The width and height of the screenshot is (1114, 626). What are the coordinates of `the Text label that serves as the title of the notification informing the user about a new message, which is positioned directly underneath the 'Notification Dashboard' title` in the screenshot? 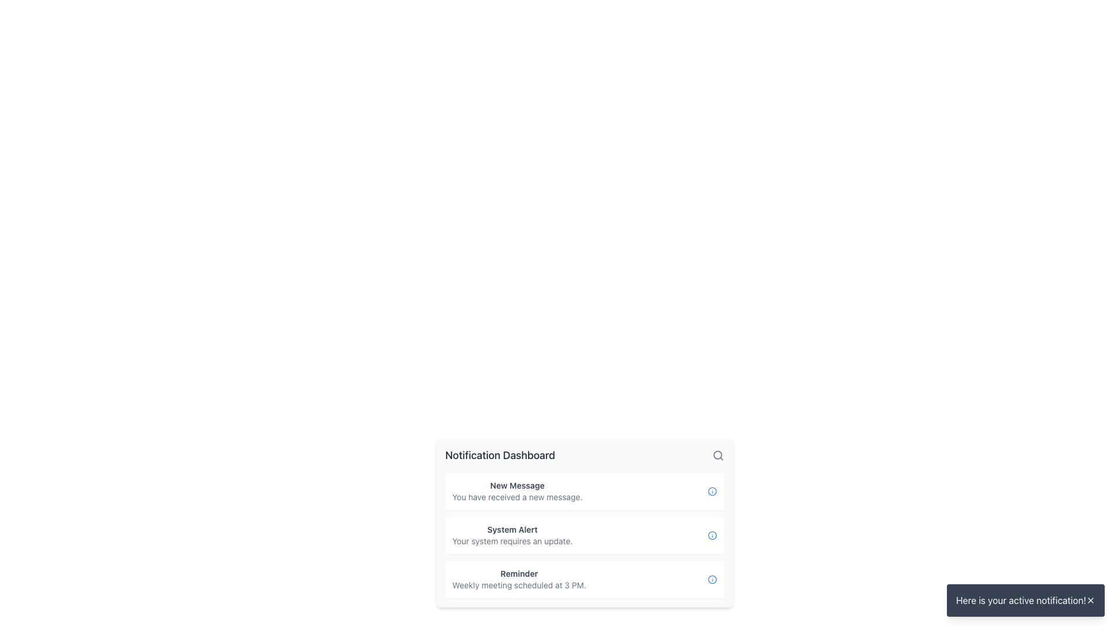 It's located at (516, 485).